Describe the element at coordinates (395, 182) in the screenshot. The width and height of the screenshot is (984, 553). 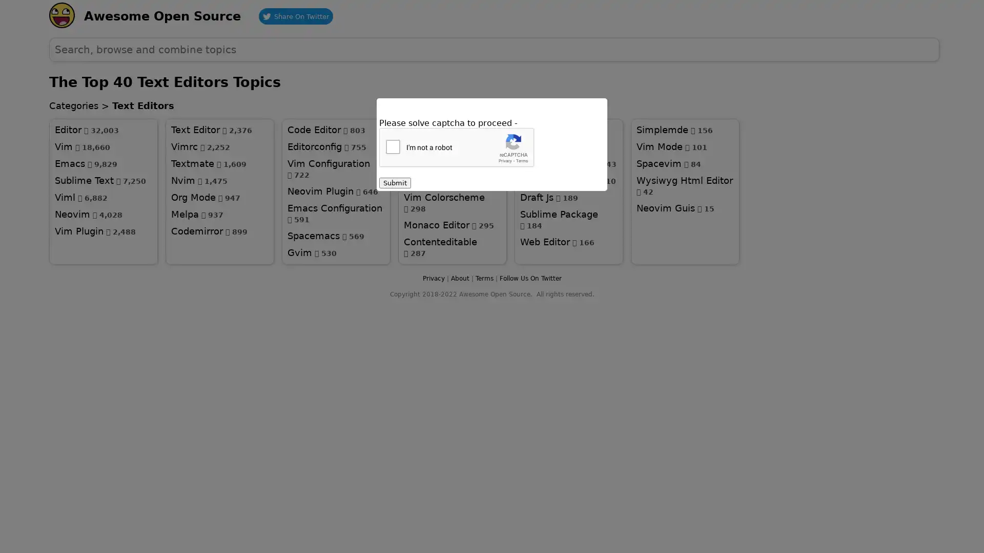
I see `Submit` at that location.